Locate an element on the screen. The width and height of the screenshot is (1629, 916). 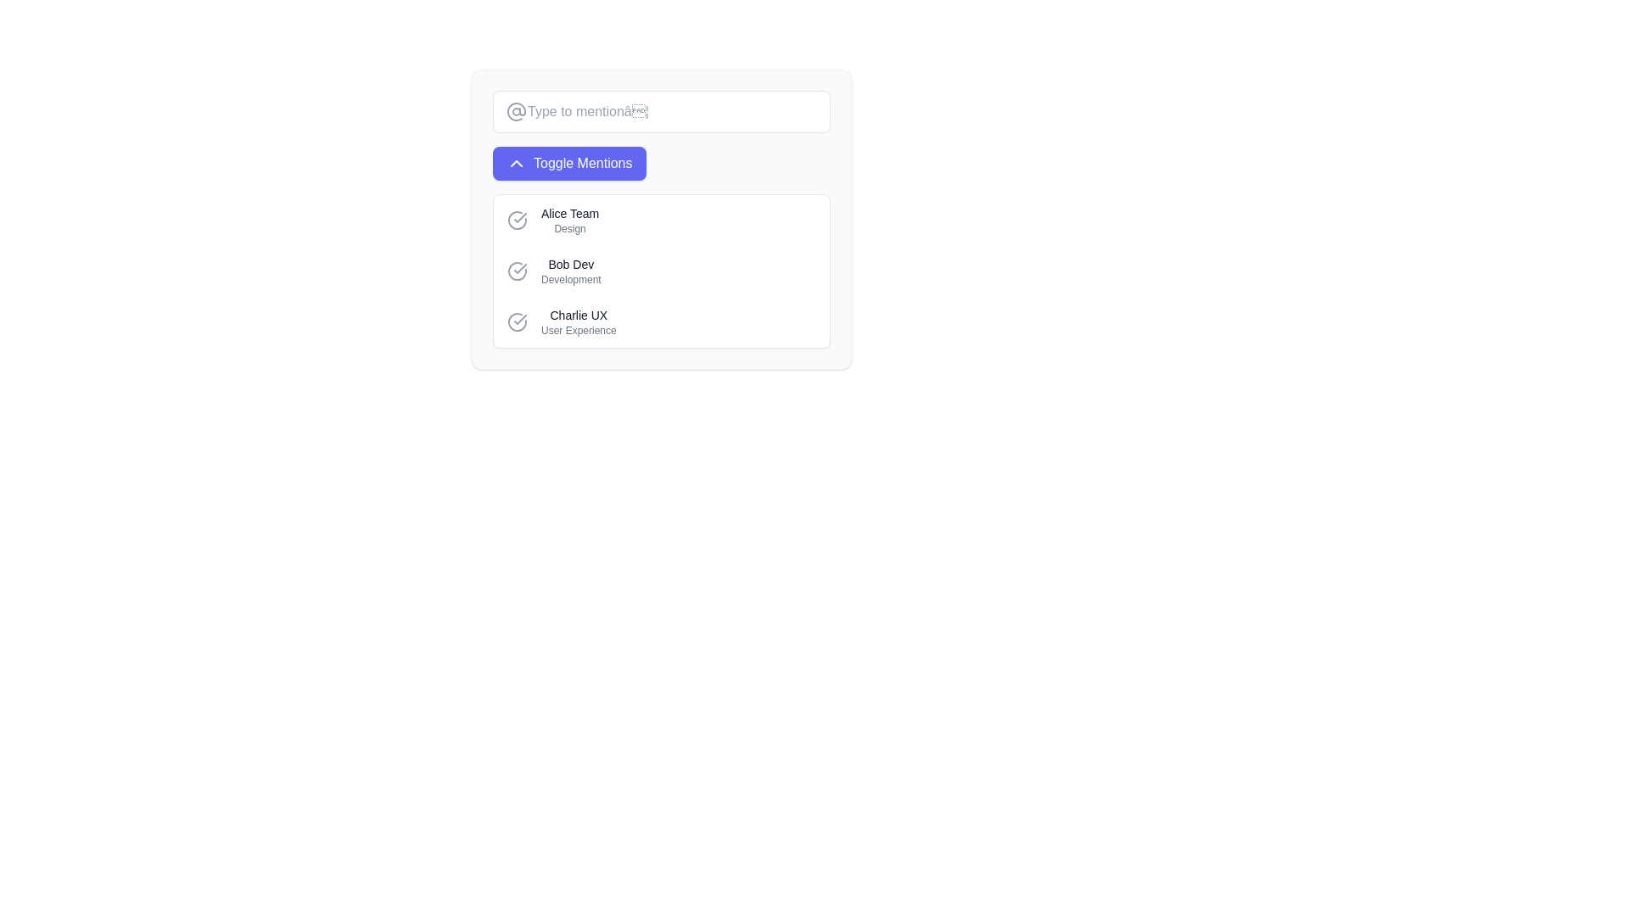
the '@' symbol SVG graphic element located at the top-left corner of the text input field, which is styled with a thin border and has a circular structure is located at coordinates (516, 111).